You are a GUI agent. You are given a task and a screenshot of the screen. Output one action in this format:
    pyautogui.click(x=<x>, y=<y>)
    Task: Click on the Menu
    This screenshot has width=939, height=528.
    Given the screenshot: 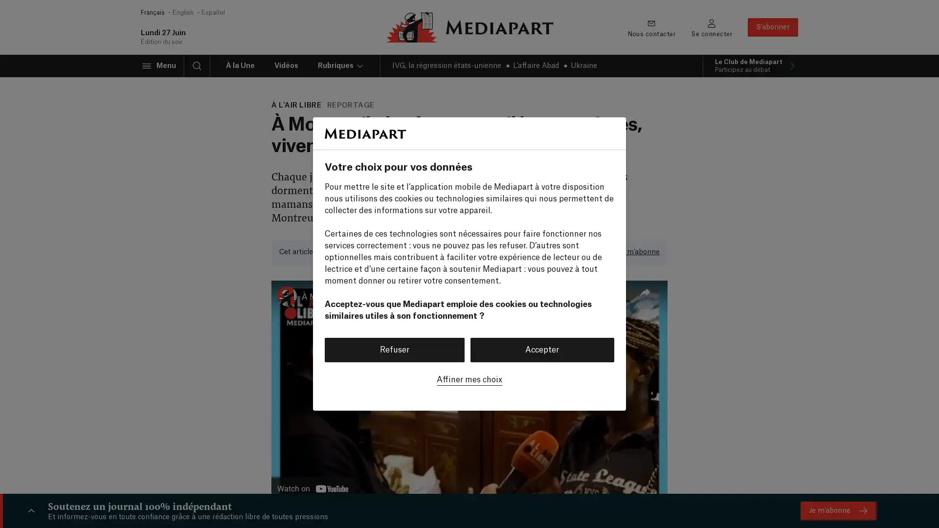 What is the action you would take?
    pyautogui.click(x=158, y=66)
    